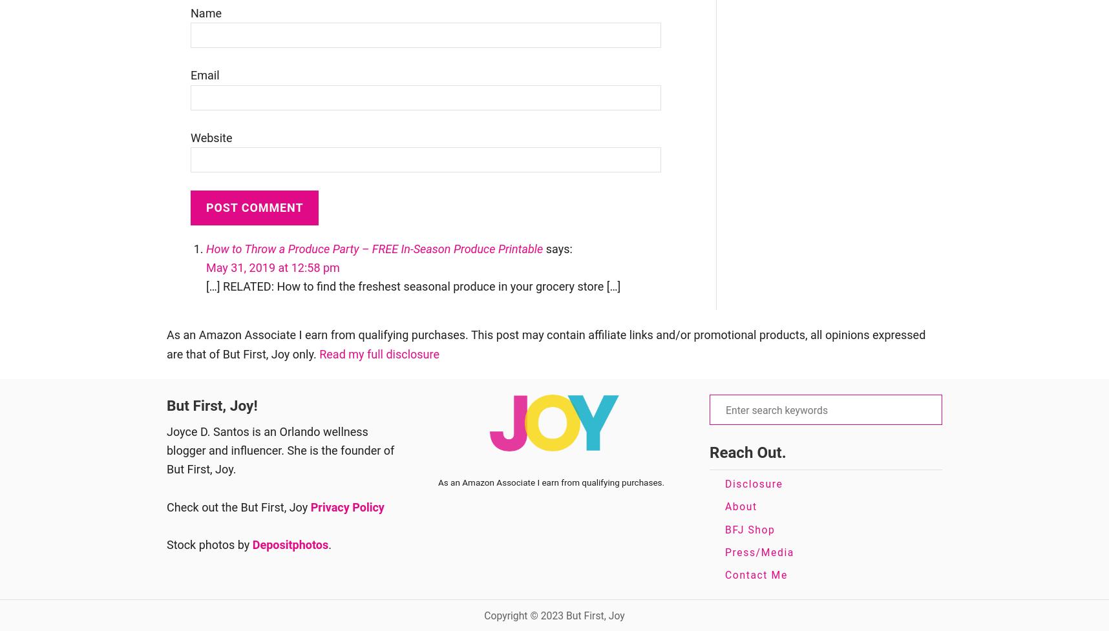 The image size is (1109, 631). What do you see at coordinates (165, 544) in the screenshot?
I see `'Stock photos by'` at bounding box center [165, 544].